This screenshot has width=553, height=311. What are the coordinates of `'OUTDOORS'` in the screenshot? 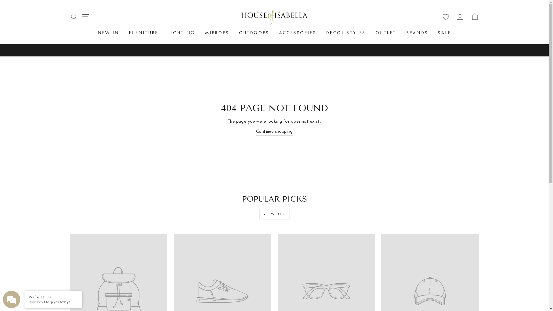 It's located at (254, 33).